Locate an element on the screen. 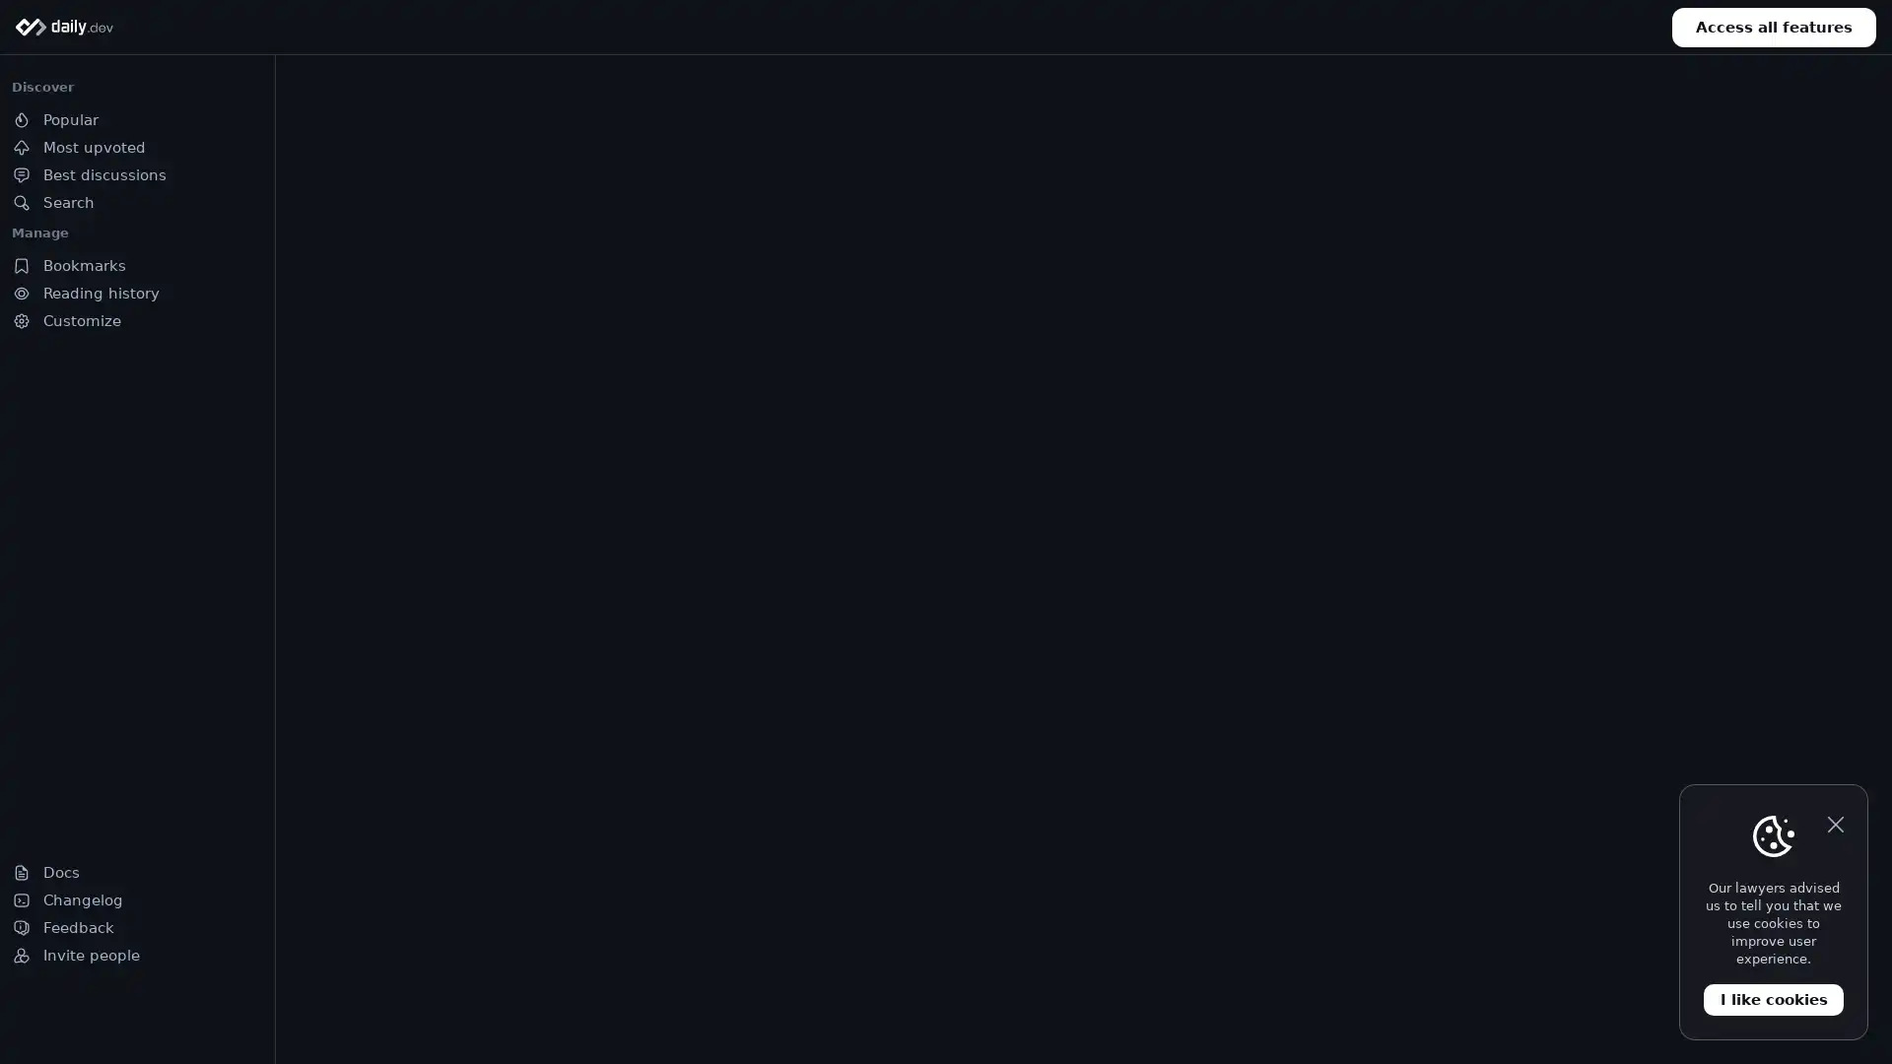 Image resolution: width=1892 pixels, height=1064 pixels. Upvote is located at coordinates (1490, 961).